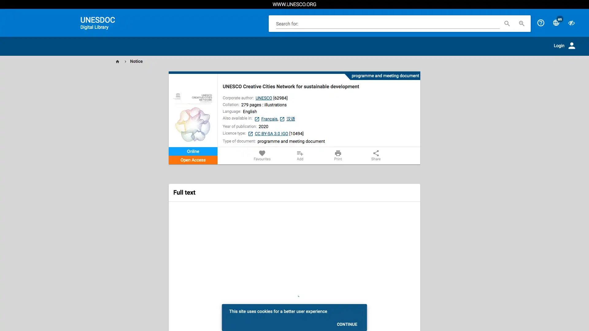 The width and height of the screenshot is (589, 331). What do you see at coordinates (521, 23) in the screenshot?
I see `Start advanced search` at bounding box center [521, 23].